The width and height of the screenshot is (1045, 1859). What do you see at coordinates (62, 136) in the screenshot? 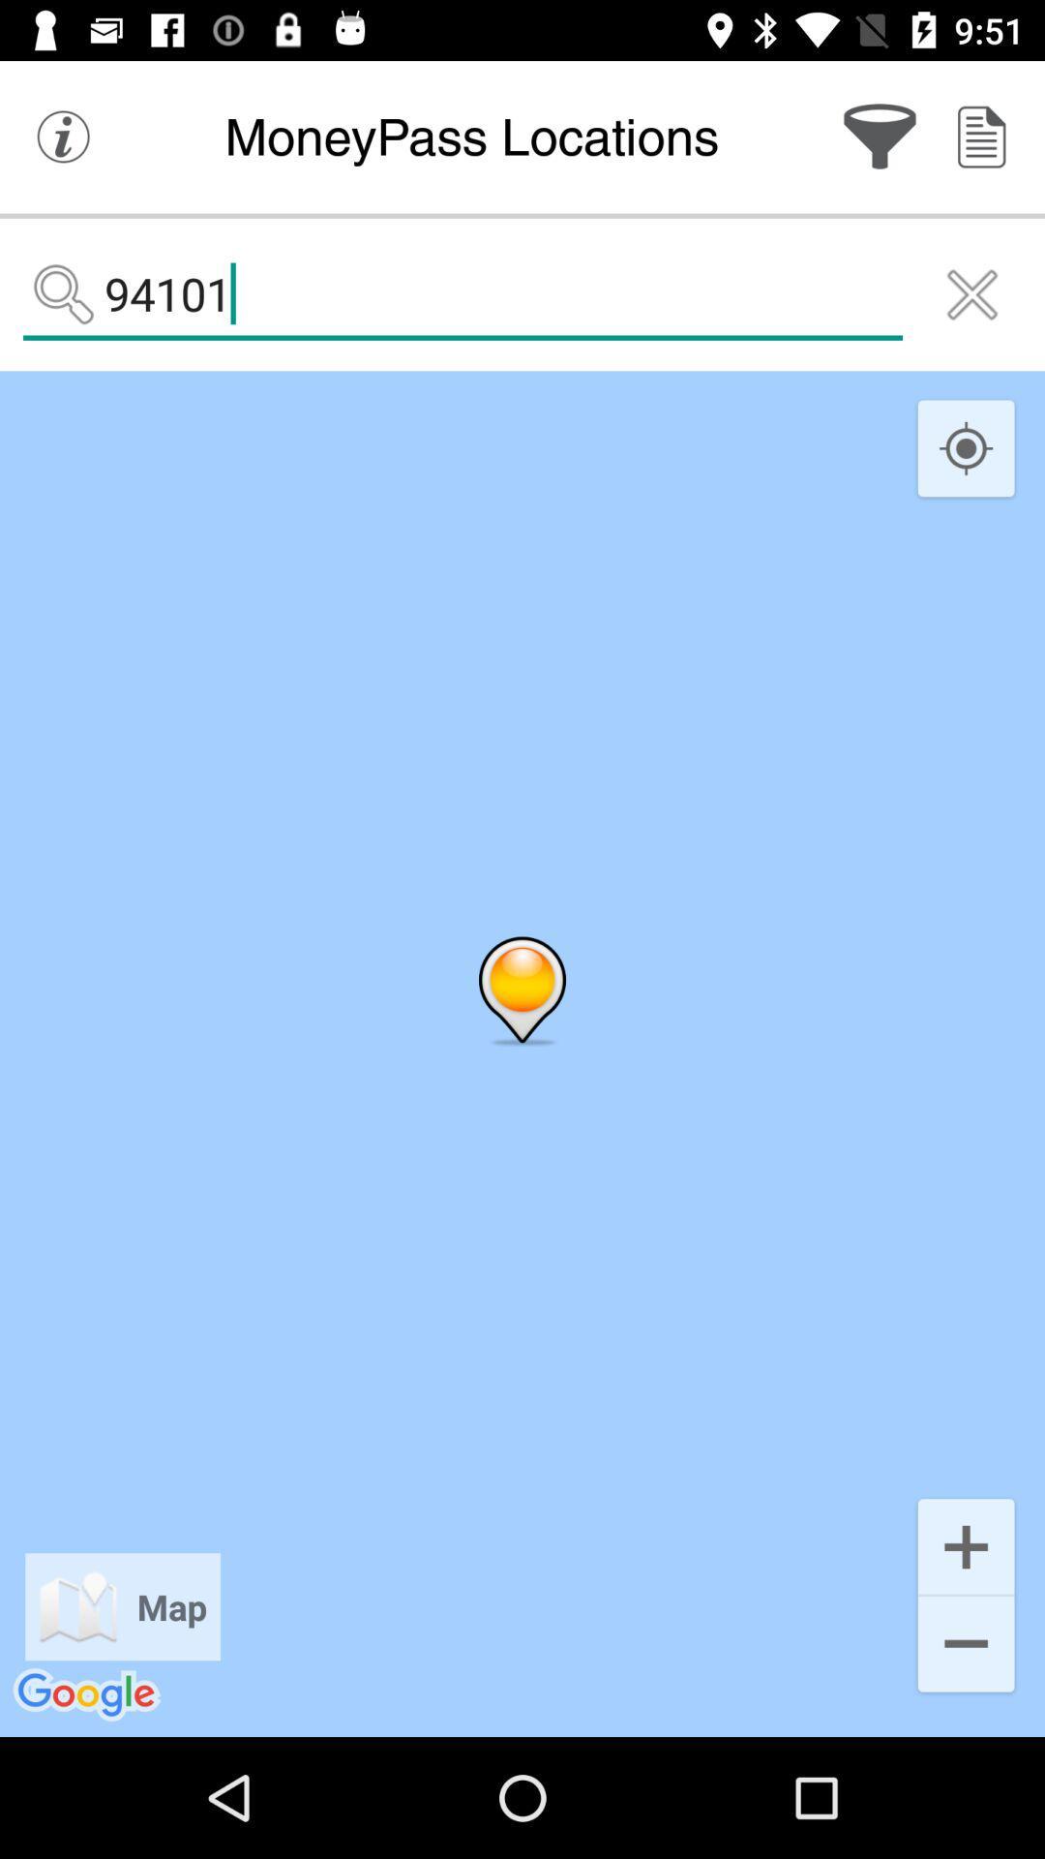
I see `the info icon` at bounding box center [62, 136].